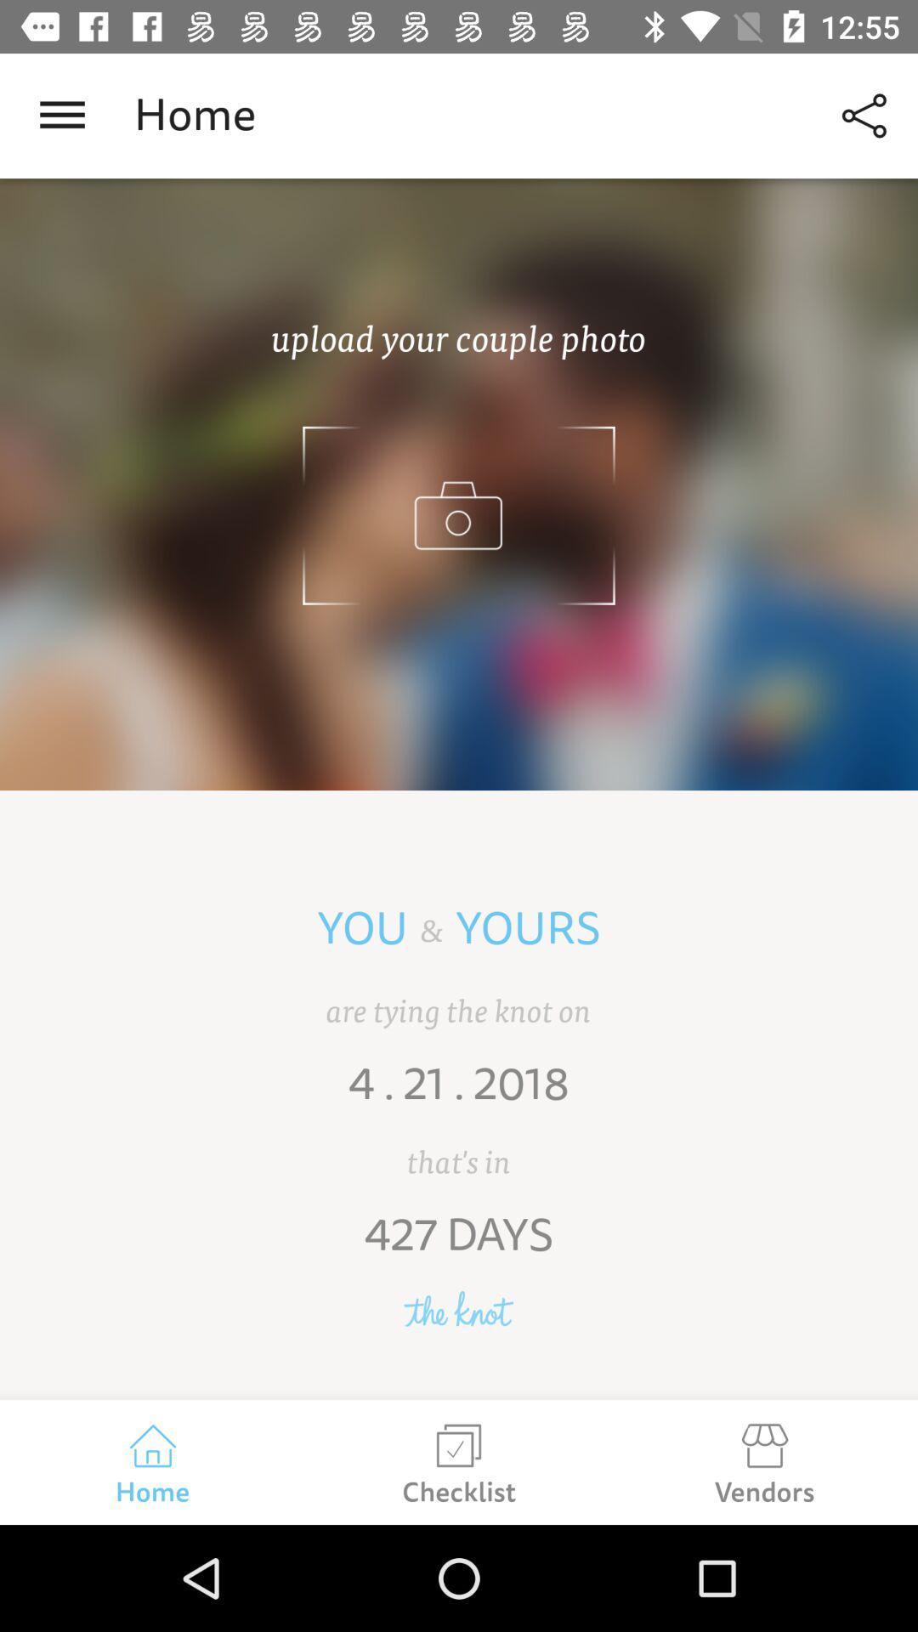  Describe the element at coordinates (61, 115) in the screenshot. I see `the item next to the home icon` at that location.